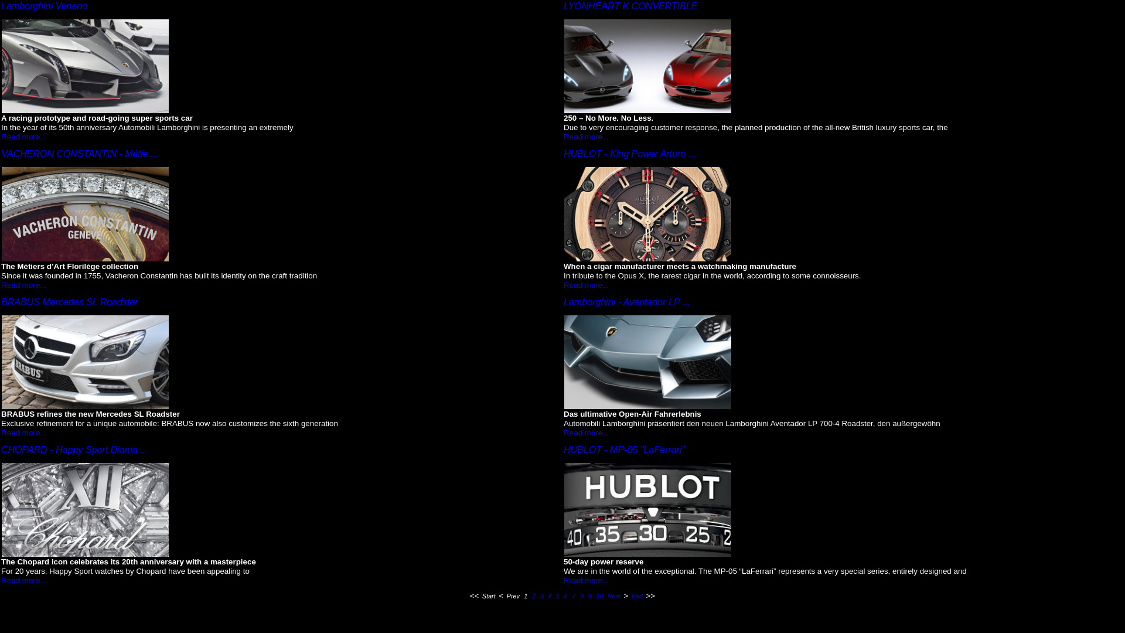  I want to click on '8', so click(582, 596).